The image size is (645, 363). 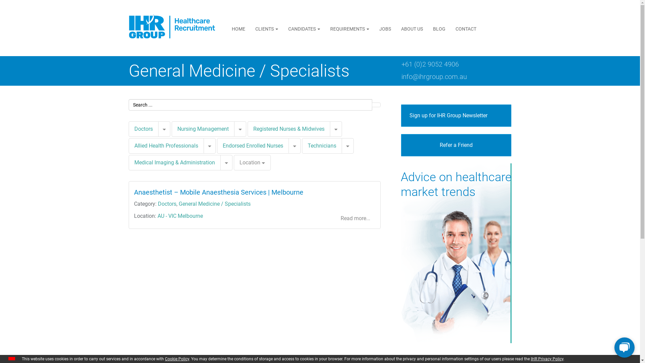 I want to click on 'Endorsed Enrolled Nurses', so click(x=253, y=146).